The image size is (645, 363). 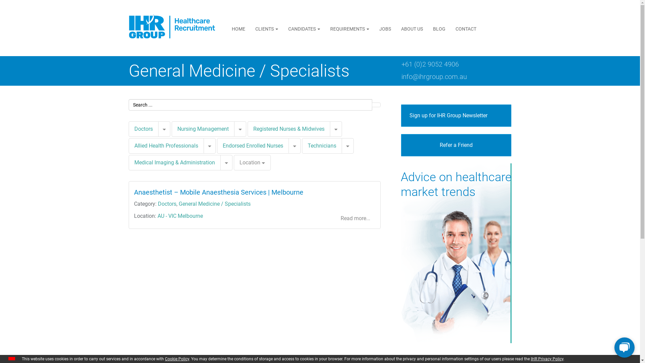 I want to click on 'Endorsed Enrolled Nurses', so click(x=253, y=146).